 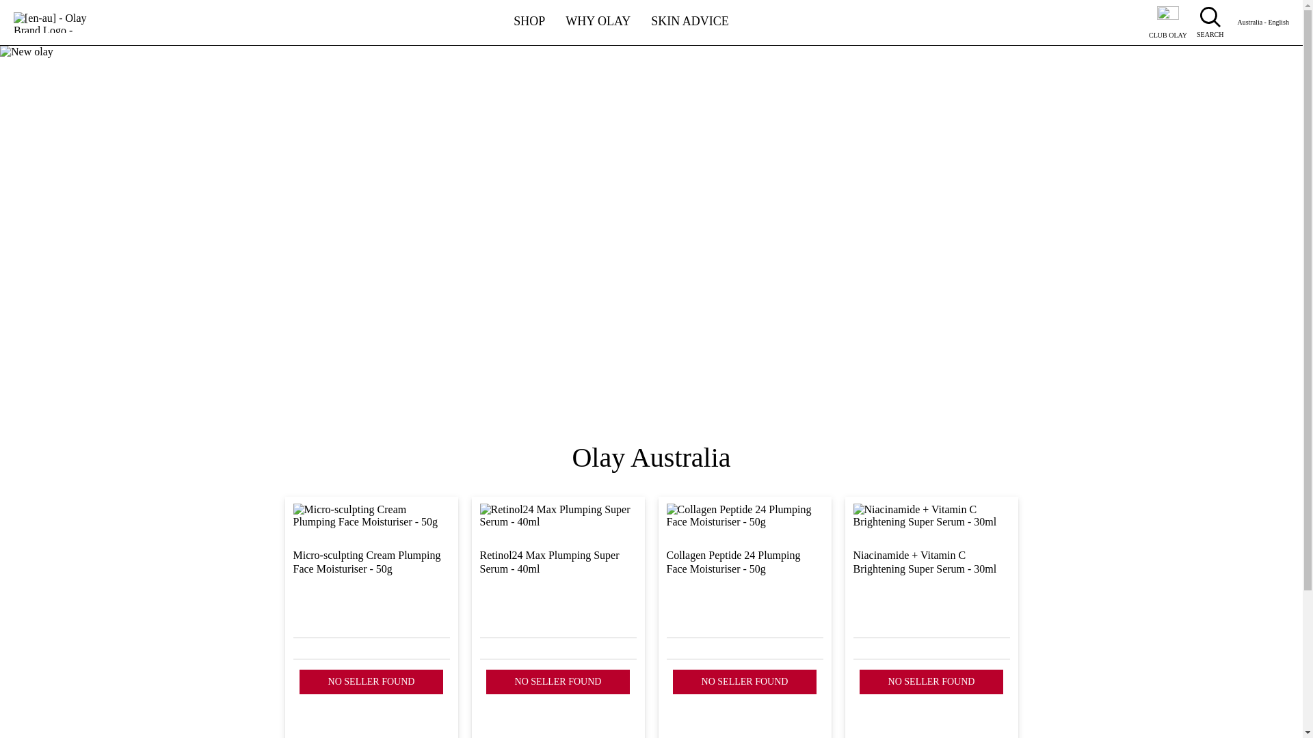 I want to click on 'CLUB OLAY', so click(x=1167, y=23).